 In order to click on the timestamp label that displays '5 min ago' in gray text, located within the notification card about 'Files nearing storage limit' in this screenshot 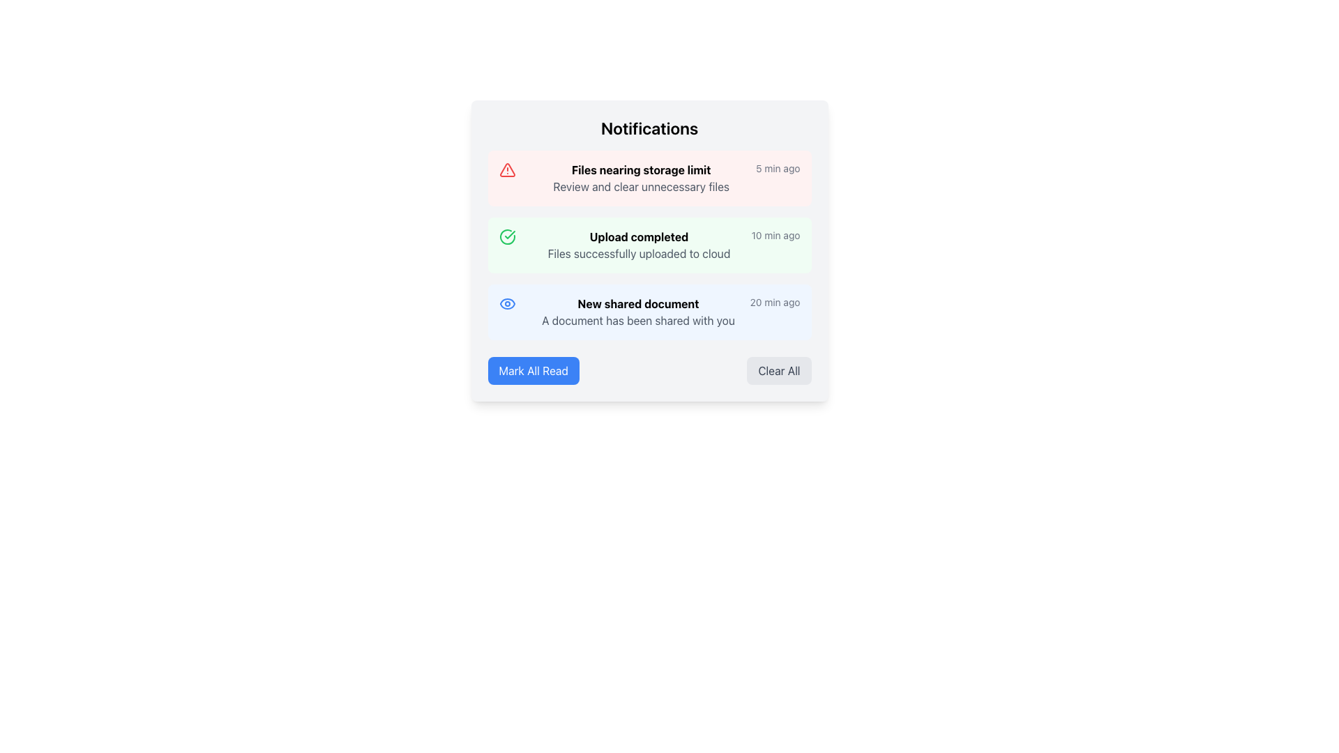, I will do `click(777, 168)`.